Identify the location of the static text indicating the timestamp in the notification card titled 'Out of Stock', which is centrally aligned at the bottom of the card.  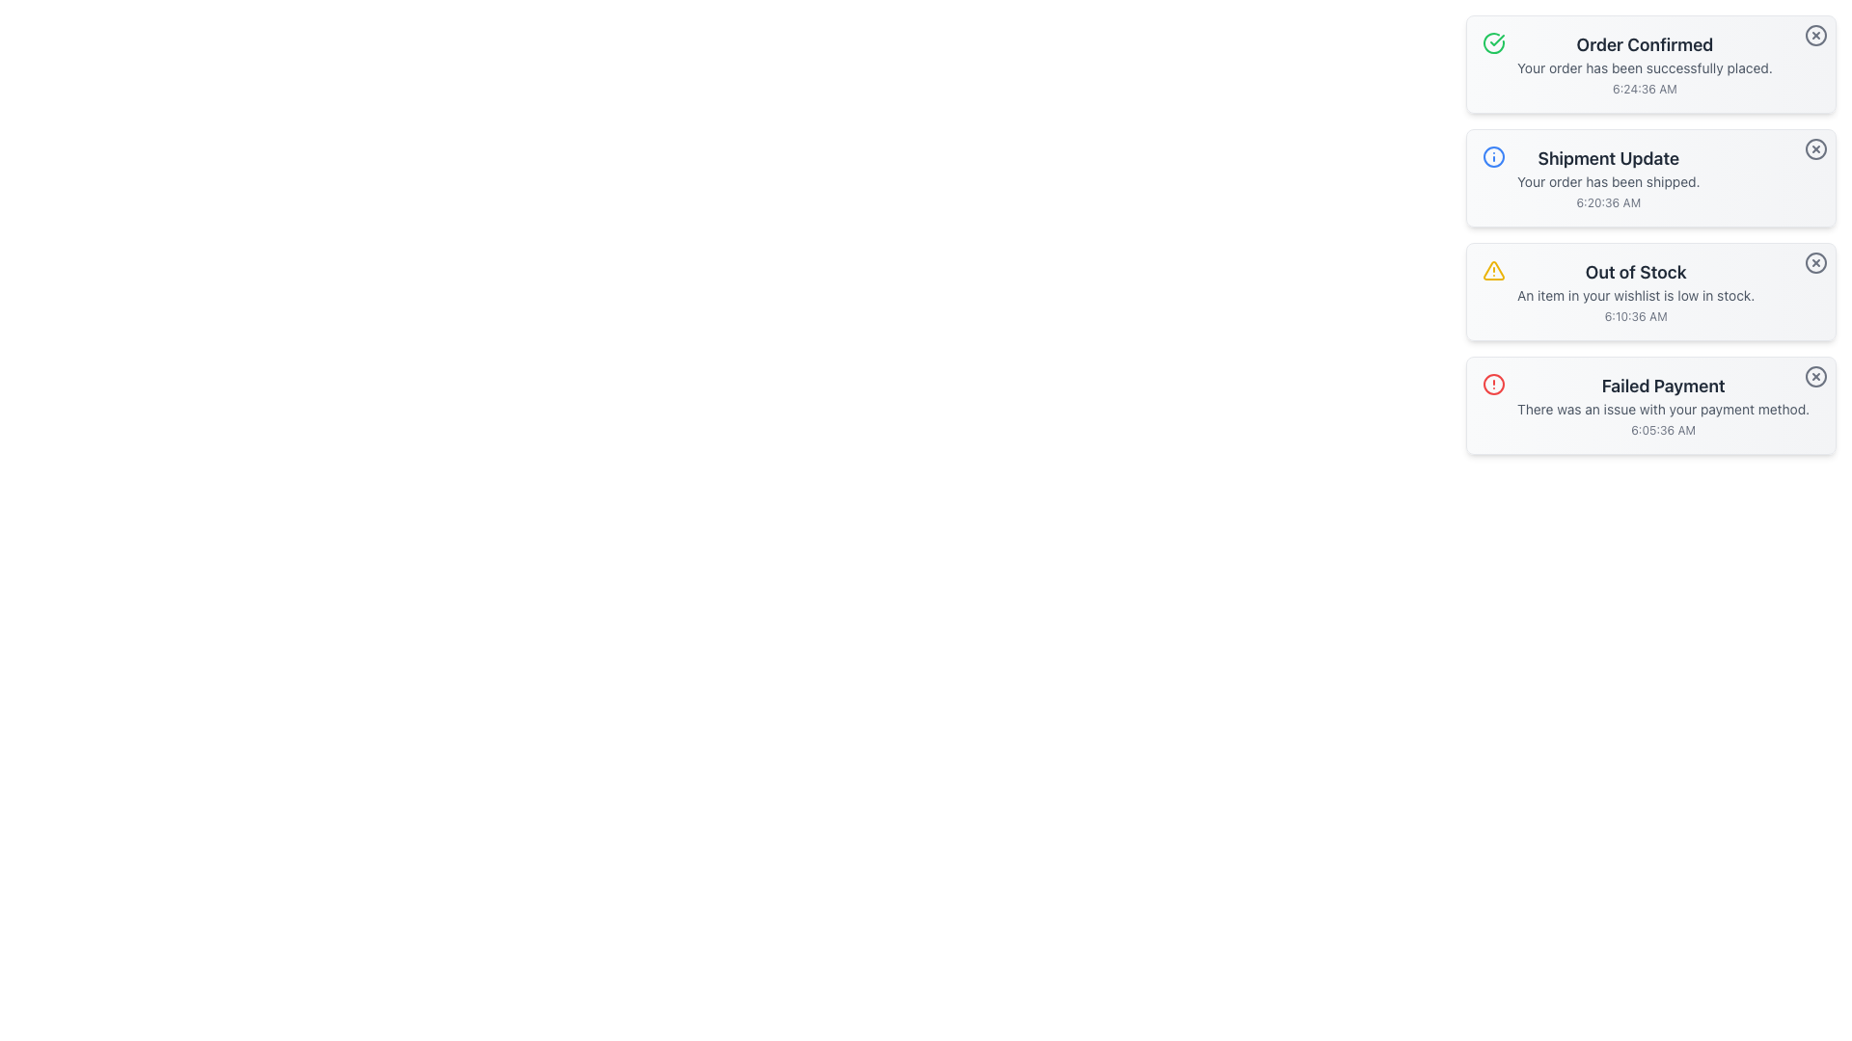
(1635, 315).